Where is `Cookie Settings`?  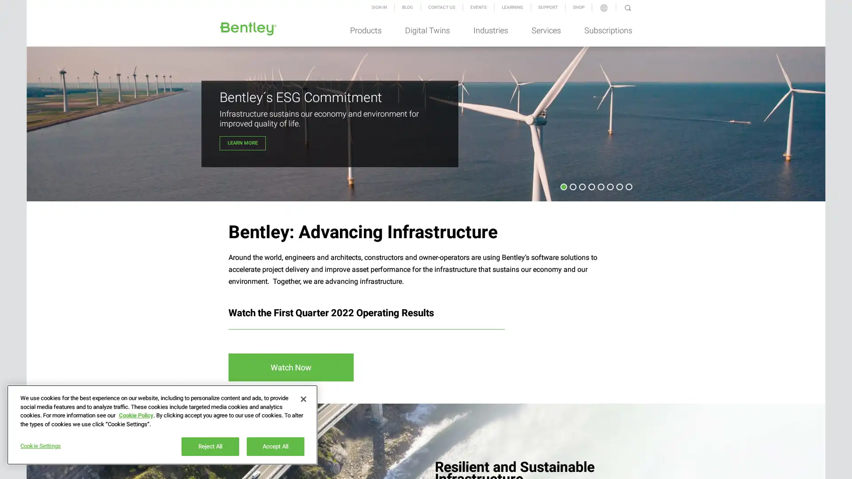 Cookie Settings is located at coordinates (59, 446).